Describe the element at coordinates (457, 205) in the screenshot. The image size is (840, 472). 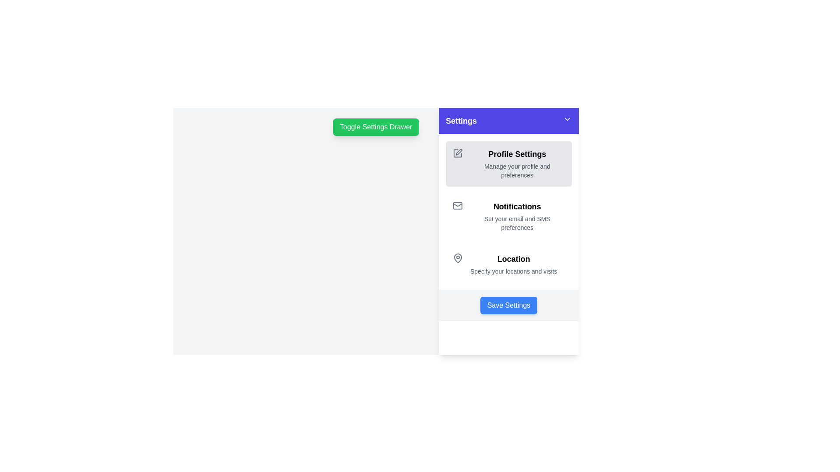
I see `the envelope icon in the Notifications section of the settings panel, which is styled in gray and resembles a mail symbol` at that location.